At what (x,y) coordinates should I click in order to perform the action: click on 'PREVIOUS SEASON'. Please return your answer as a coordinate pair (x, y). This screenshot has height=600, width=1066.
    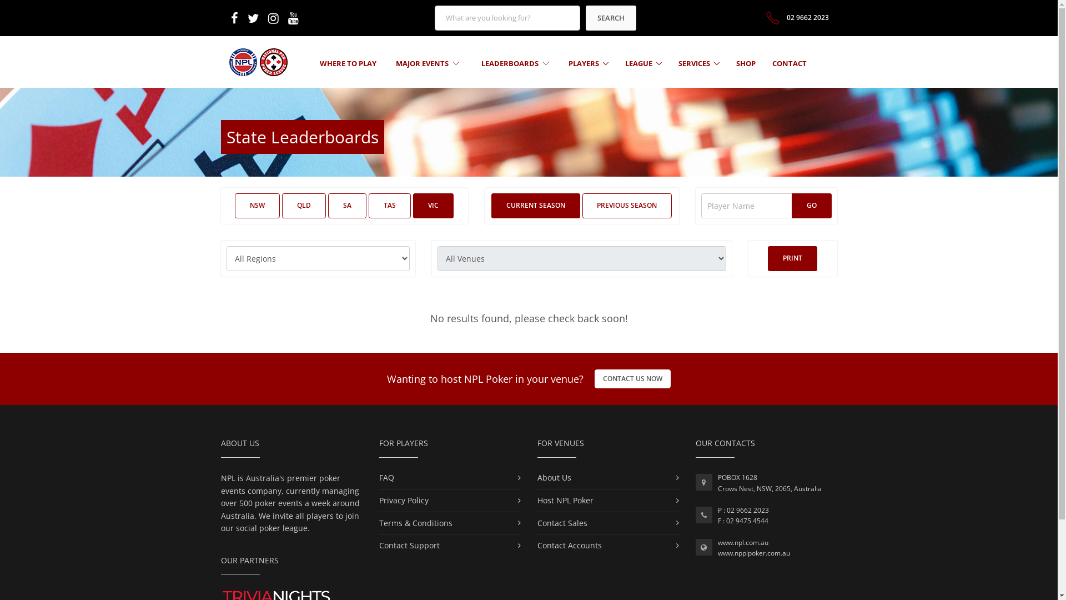
    Looking at the image, I should click on (626, 206).